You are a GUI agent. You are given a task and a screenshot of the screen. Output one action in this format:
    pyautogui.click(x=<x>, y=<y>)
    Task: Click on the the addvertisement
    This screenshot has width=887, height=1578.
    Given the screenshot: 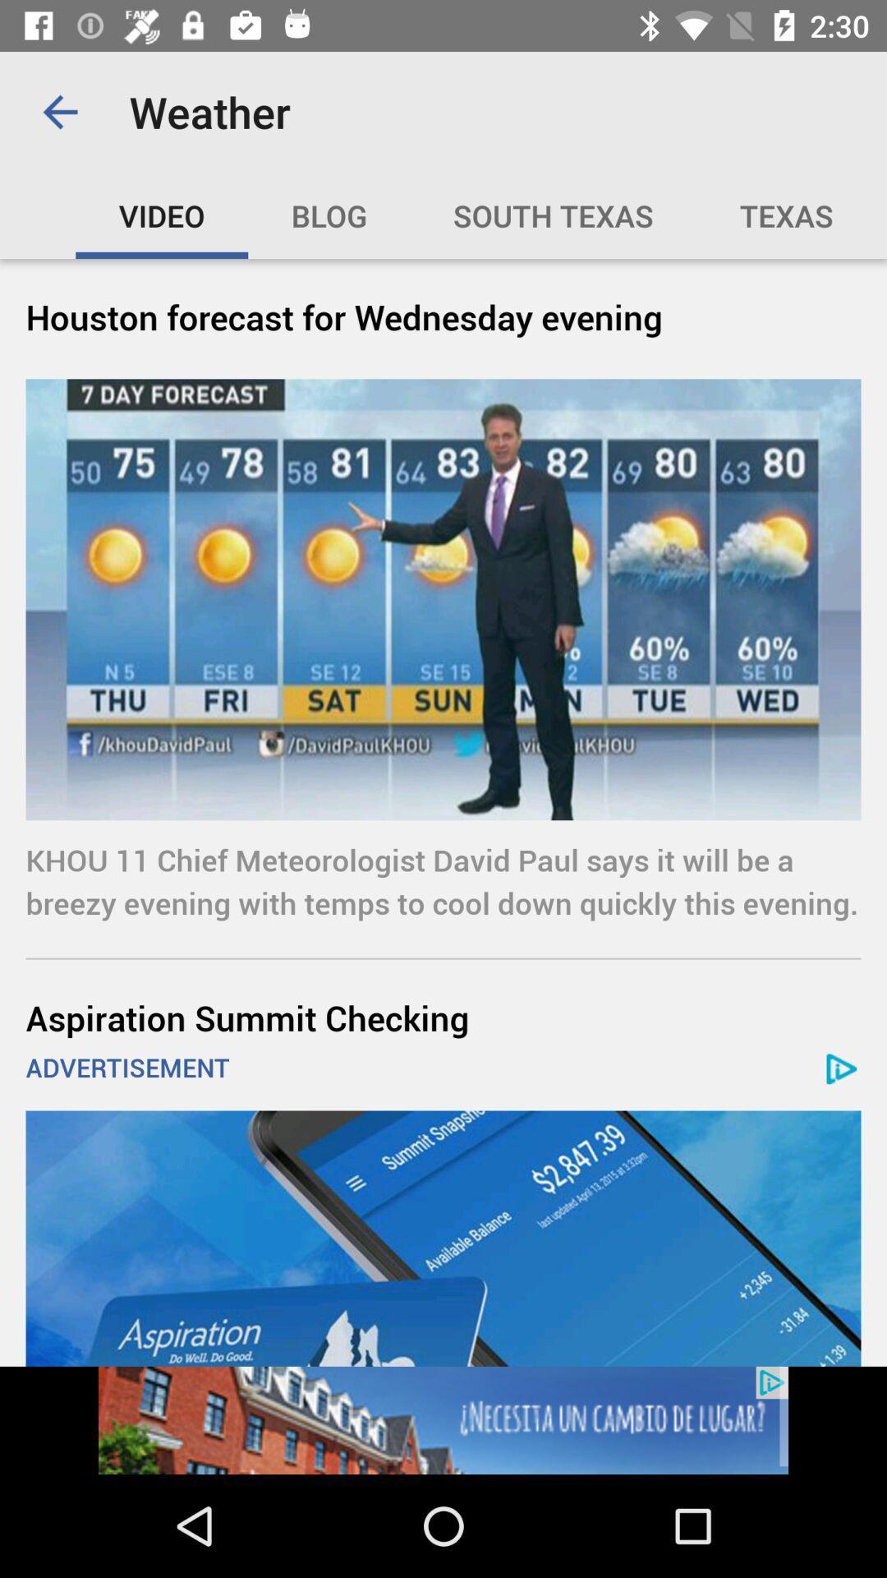 What is the action you would take?
    pyautogui.click(x=443, y=1239)
    